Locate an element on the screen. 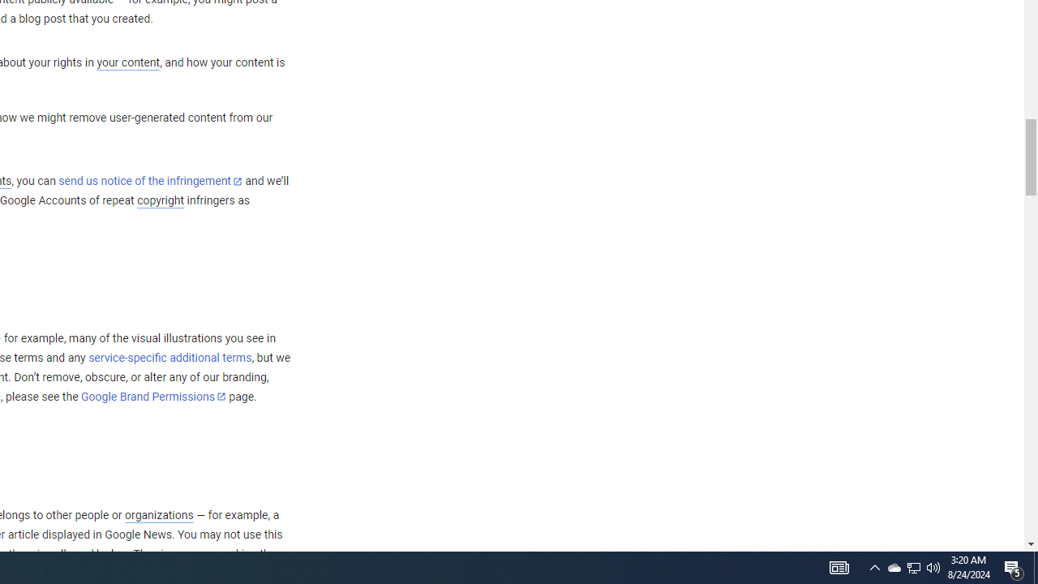 Image resolution: width=1038 pixels, height=584 pixels. 'service-specific additional terms' is located at coordinates (169, 357).